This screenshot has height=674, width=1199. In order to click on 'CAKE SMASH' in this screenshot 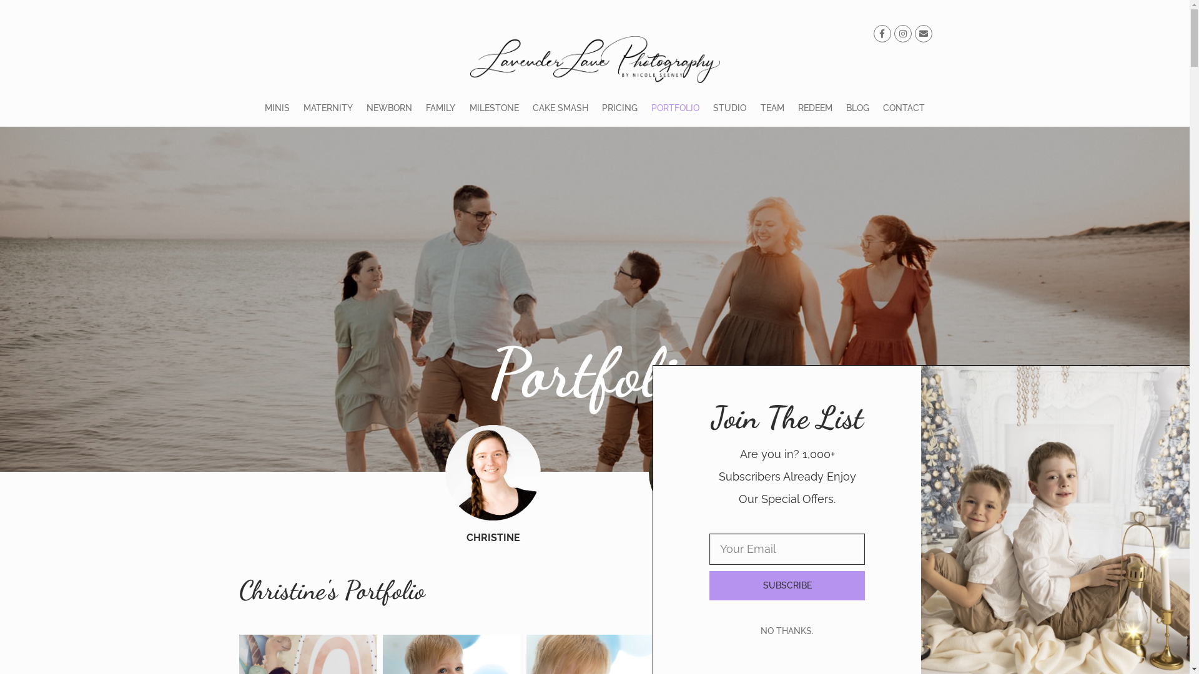, I will do `click(525, 107)`.